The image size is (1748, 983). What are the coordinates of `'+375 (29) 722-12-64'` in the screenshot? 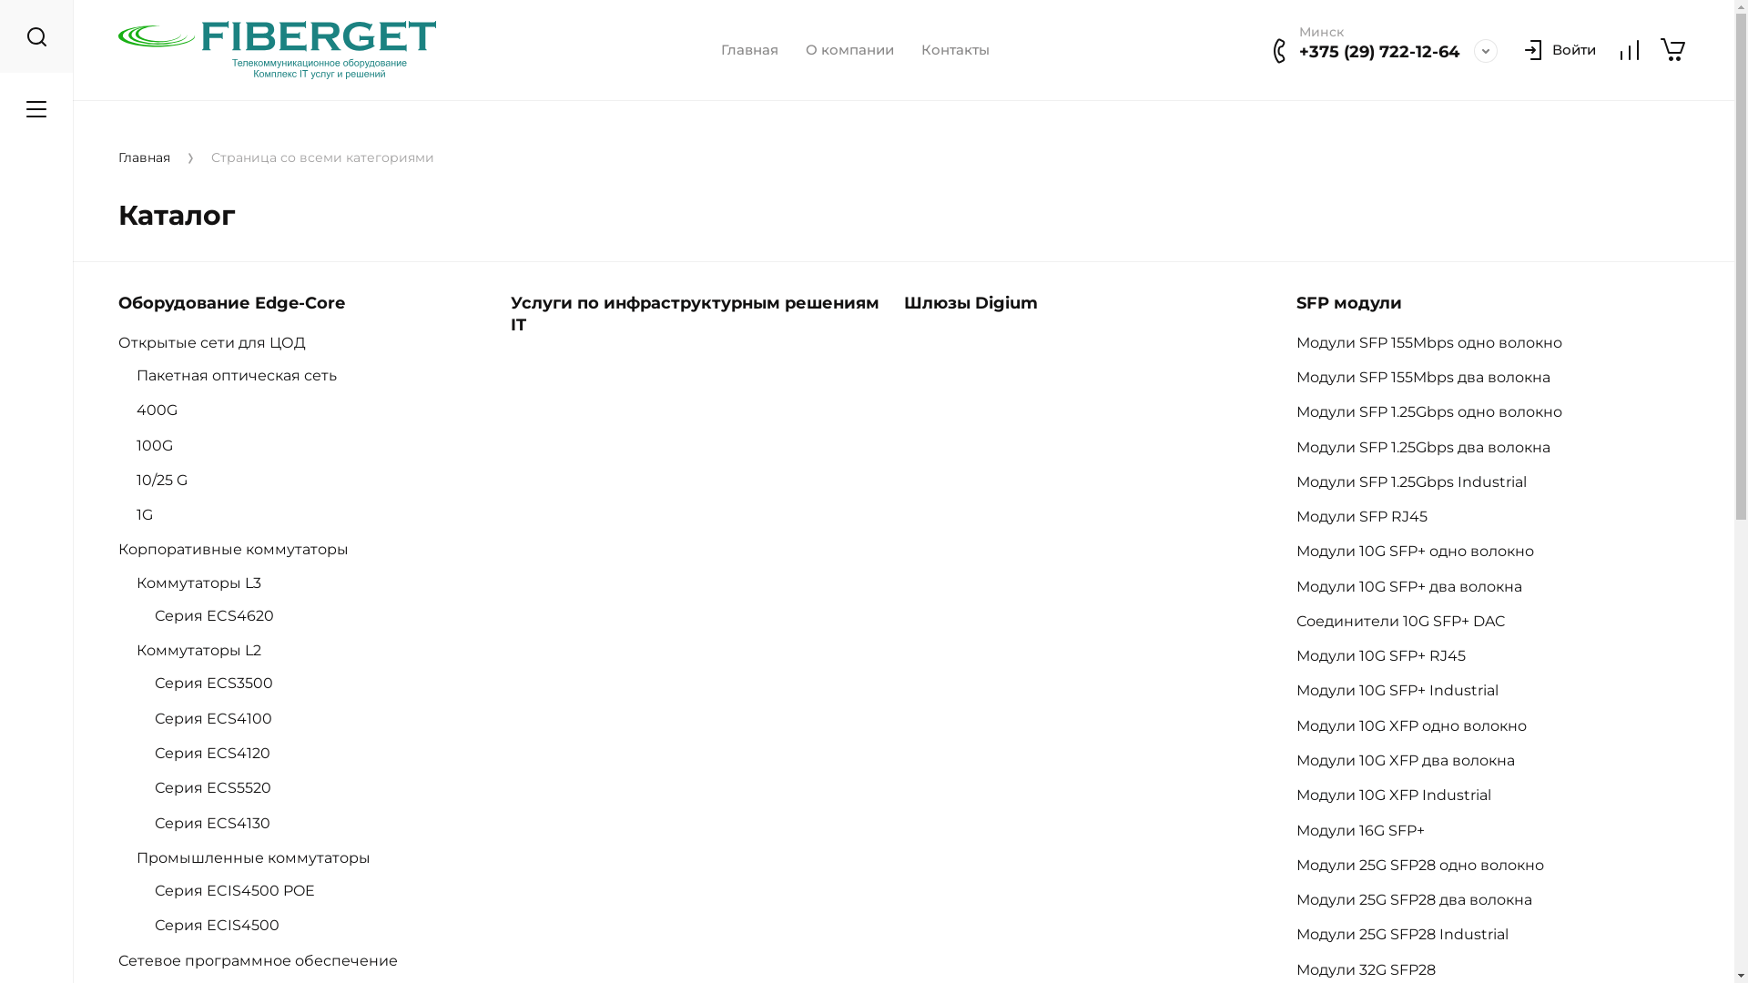 It's located at (1379, 51).